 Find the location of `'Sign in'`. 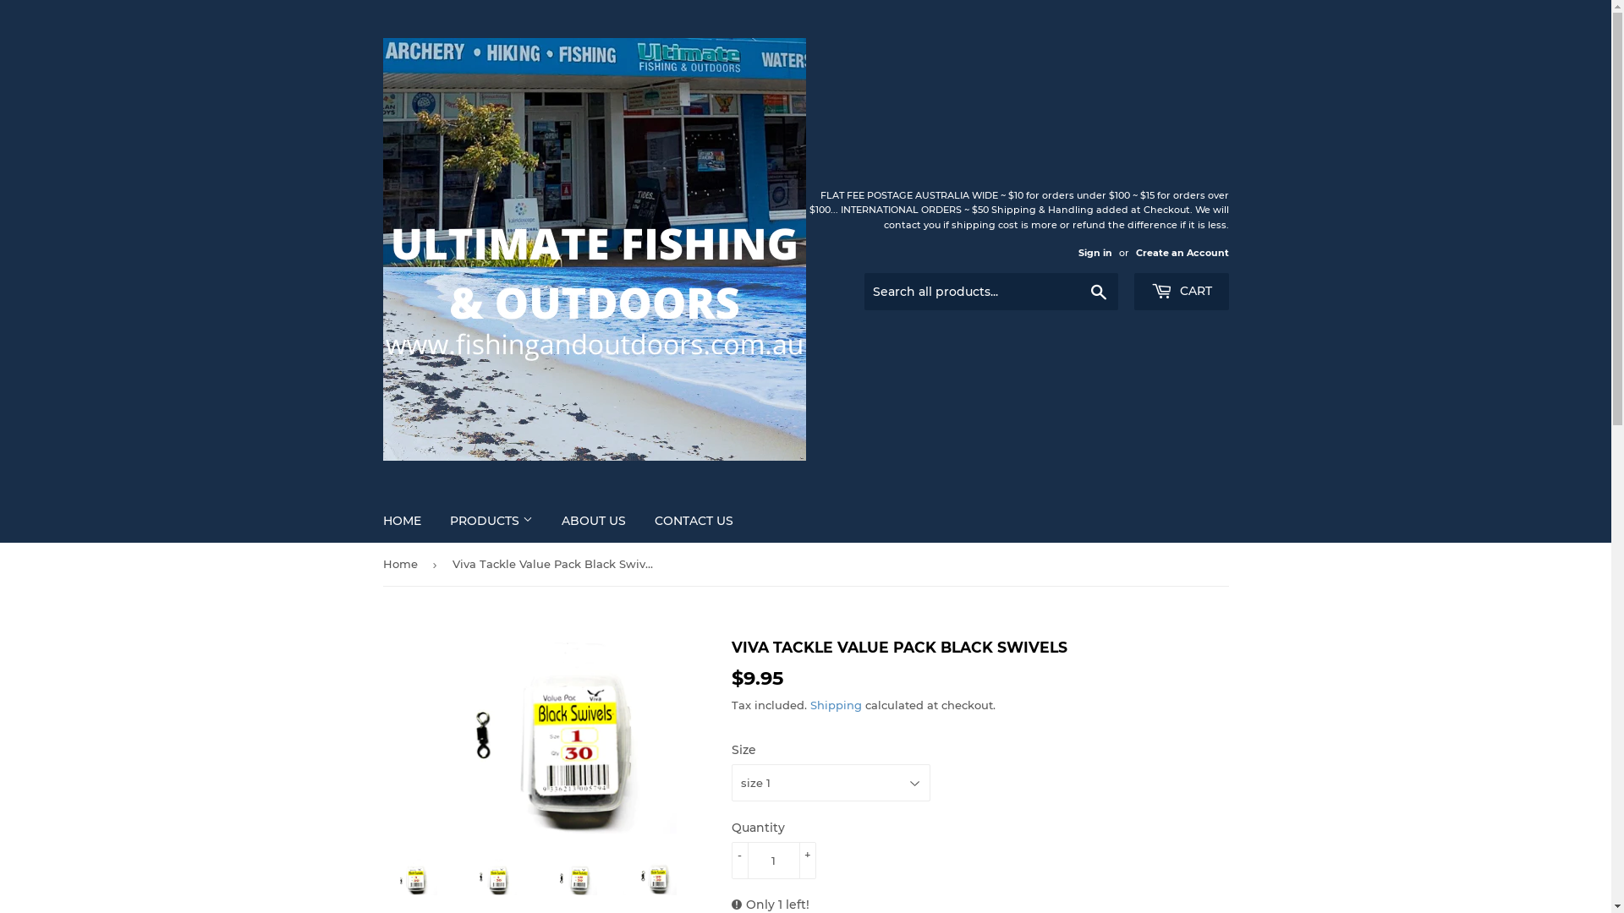

'Sign in' is located at coordinates (1076, 253).